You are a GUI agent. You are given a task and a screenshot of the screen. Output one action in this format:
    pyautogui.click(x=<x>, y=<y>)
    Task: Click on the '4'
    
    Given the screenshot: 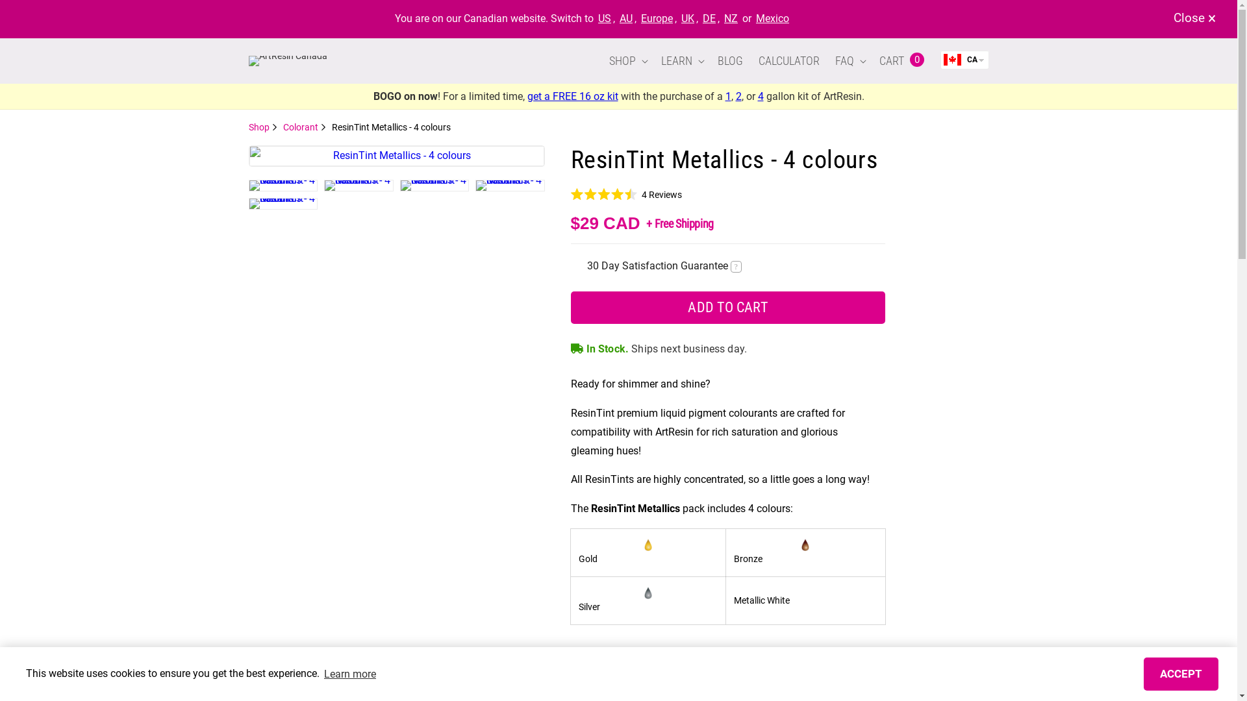 What is the action you would take?
    pyautogui.click(x=760, y=95)
    